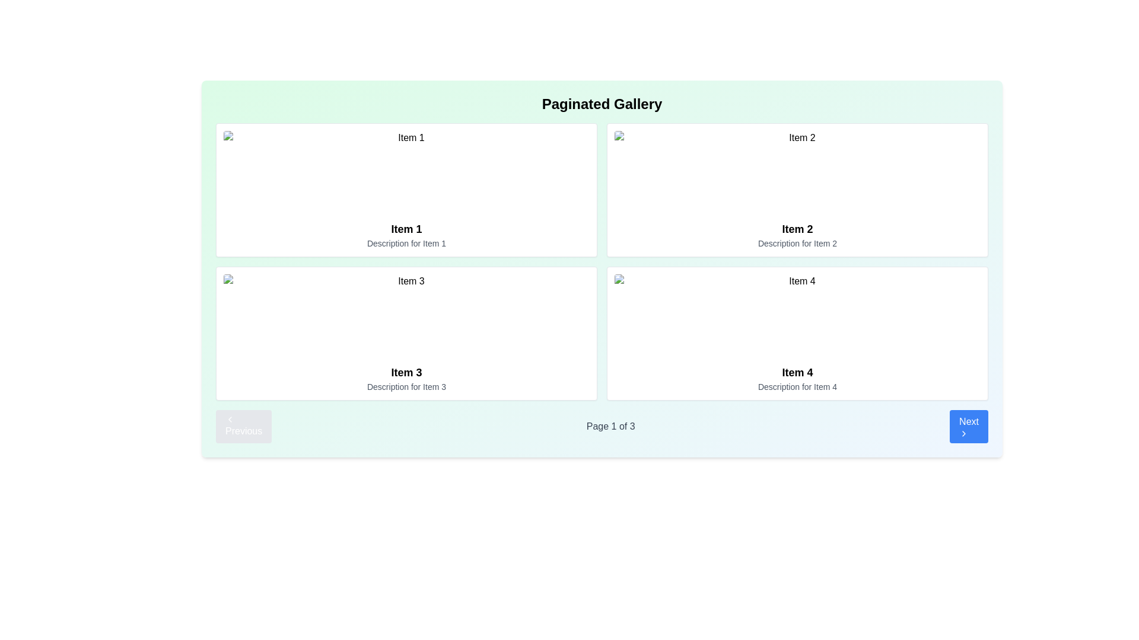 This screenshot has width=1139, height=640. I want to click on text label that contains the phrase 'Description for Item 2', located under the header 'Item 2' in the item card in the top right corner of the grid layout, so click(797, 243).